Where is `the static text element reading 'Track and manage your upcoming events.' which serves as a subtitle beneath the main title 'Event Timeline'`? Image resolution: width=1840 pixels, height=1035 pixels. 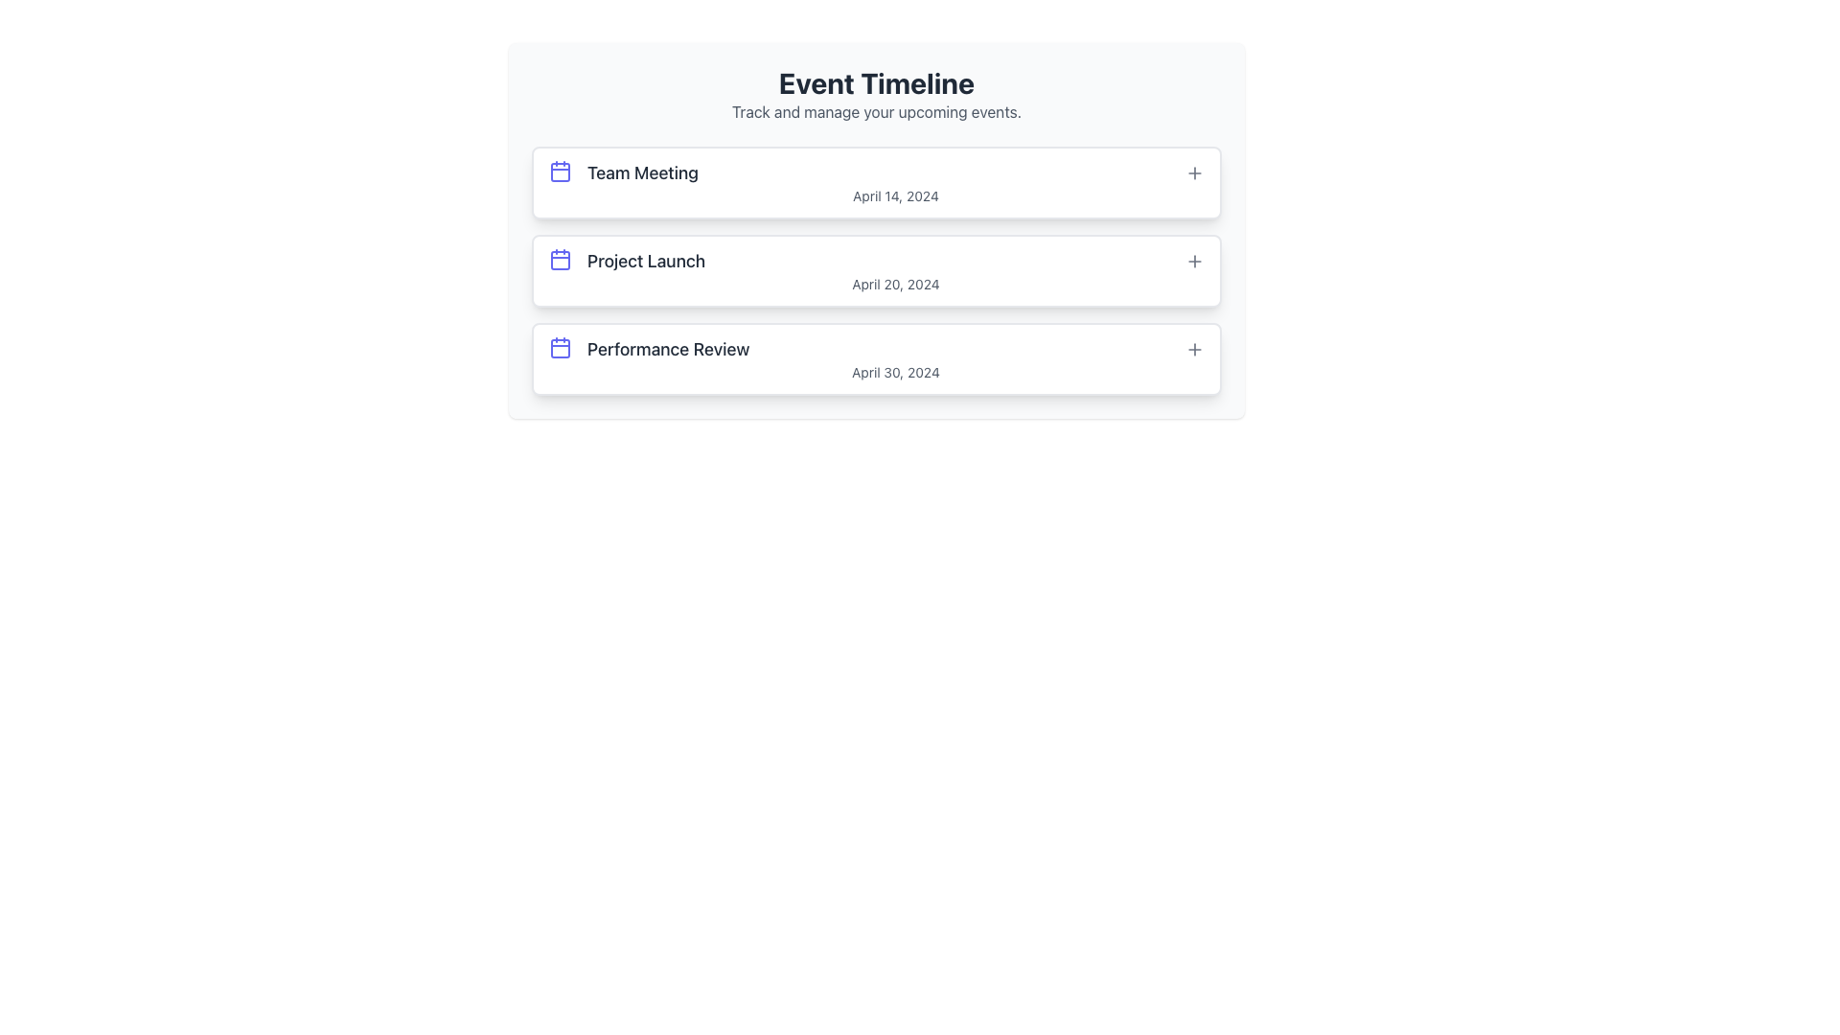
the static text element reading 'Track and manage your upcoming events.' which serves as a subtitle beneath the main title 'Event Timeline' is located at coordinates (876, 111).